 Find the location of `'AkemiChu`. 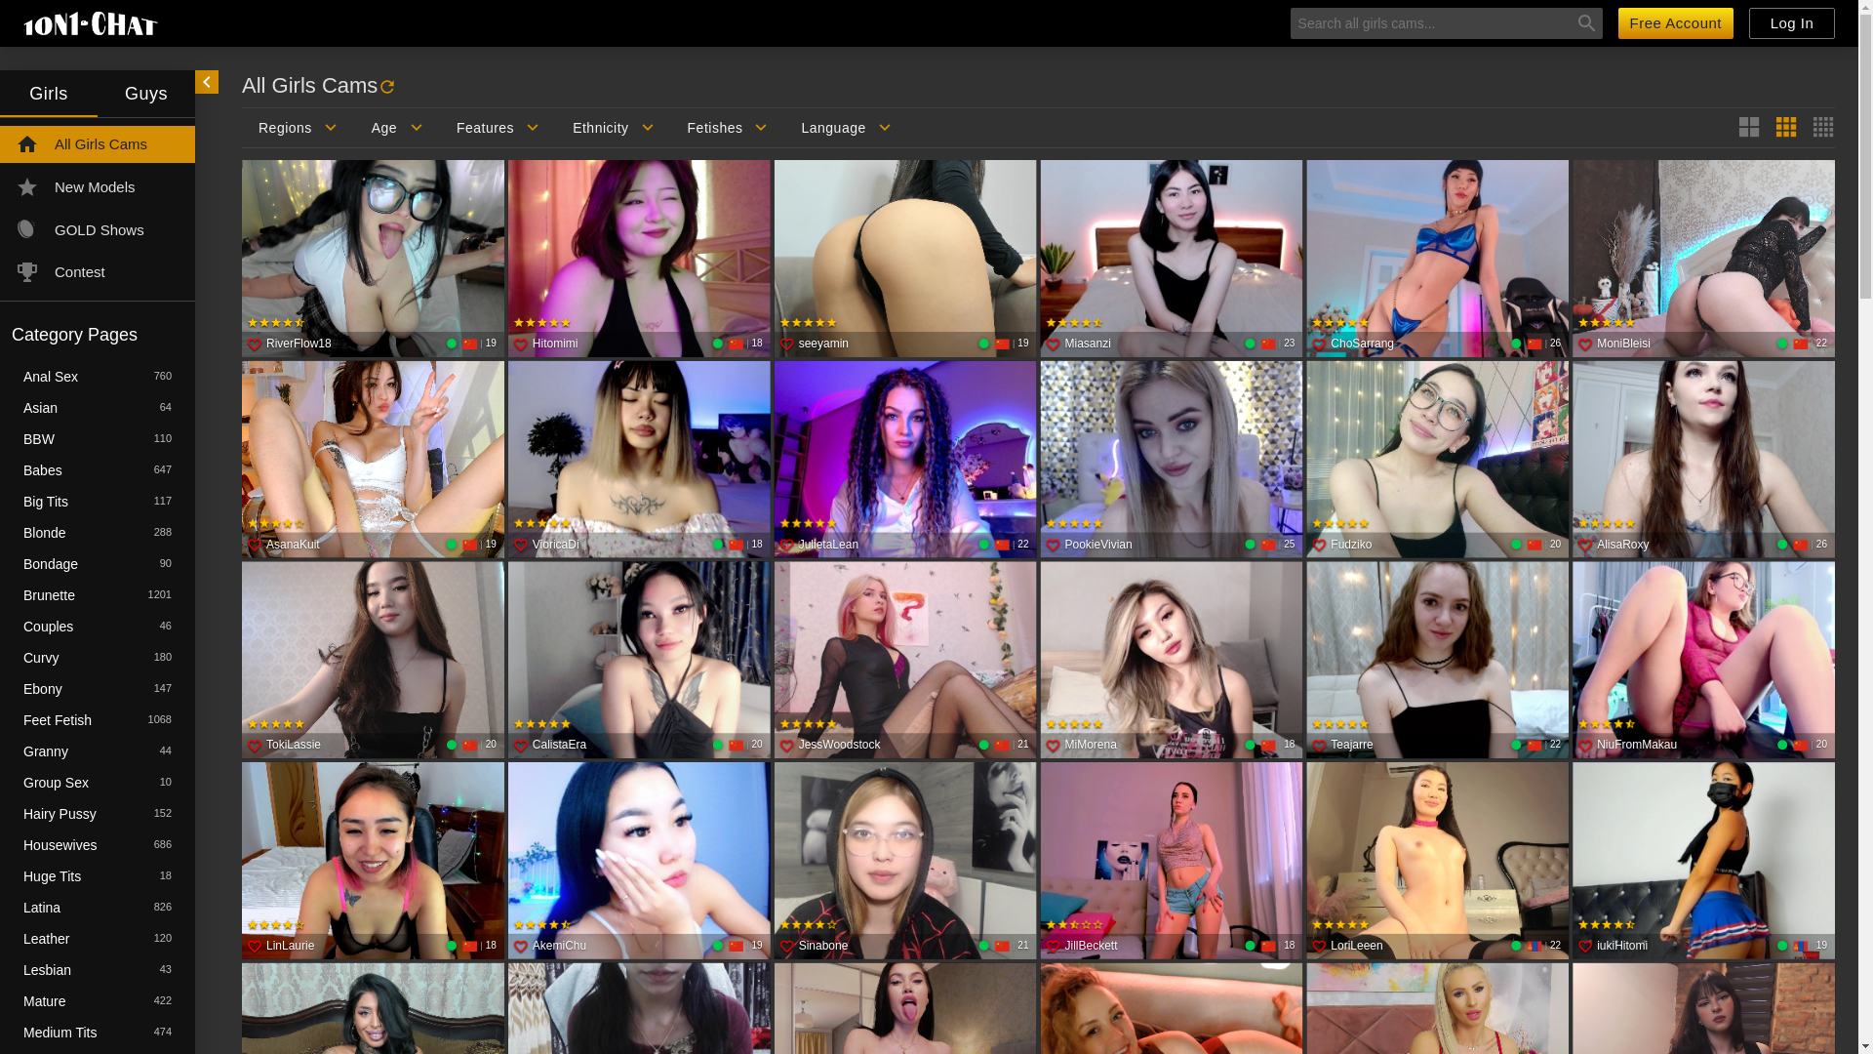

'AkemiChu is located at coordinates (508, 861).